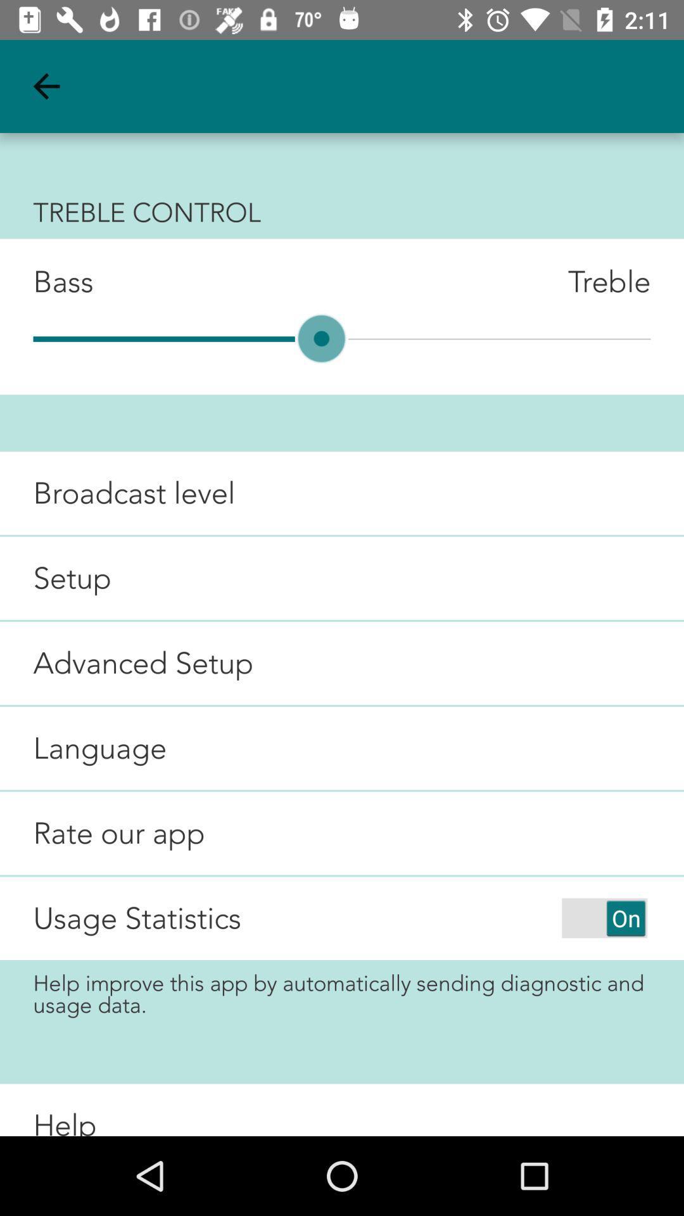  I want to click on item below language icon, so click(102, 833).